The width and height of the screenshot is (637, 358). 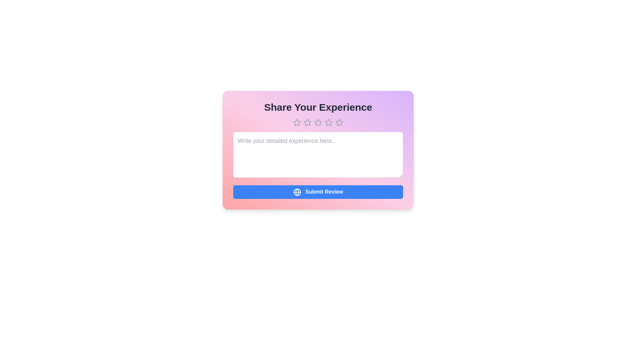 I want to click on the star corresponding to the desired rating 2, so click(x=307, y=123).